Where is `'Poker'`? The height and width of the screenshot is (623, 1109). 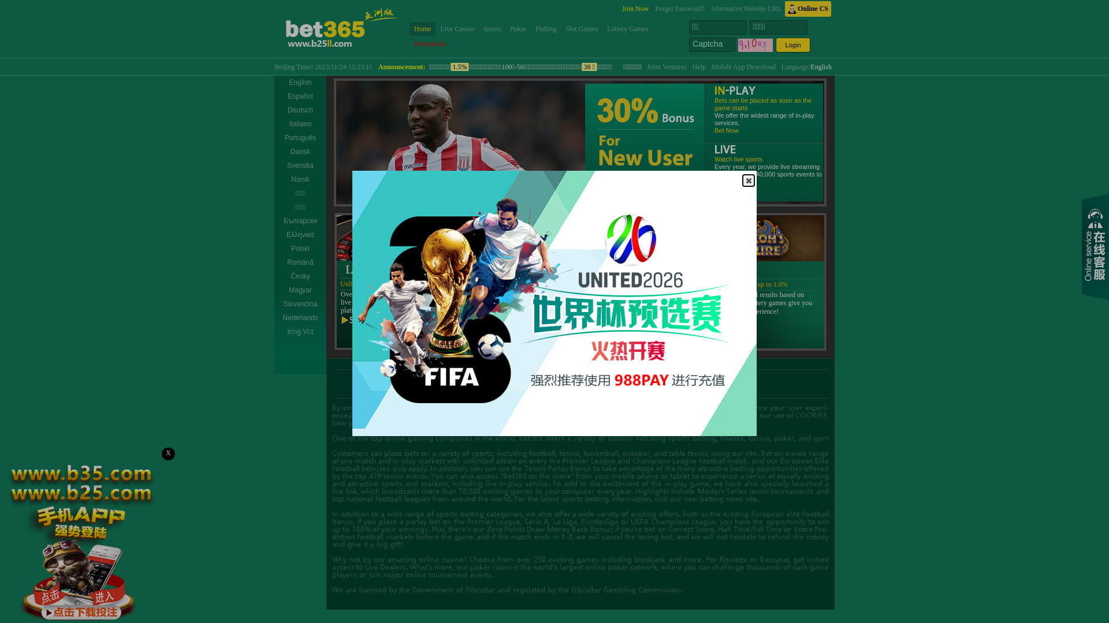
'Poker' is located at coordinates (518, 28).